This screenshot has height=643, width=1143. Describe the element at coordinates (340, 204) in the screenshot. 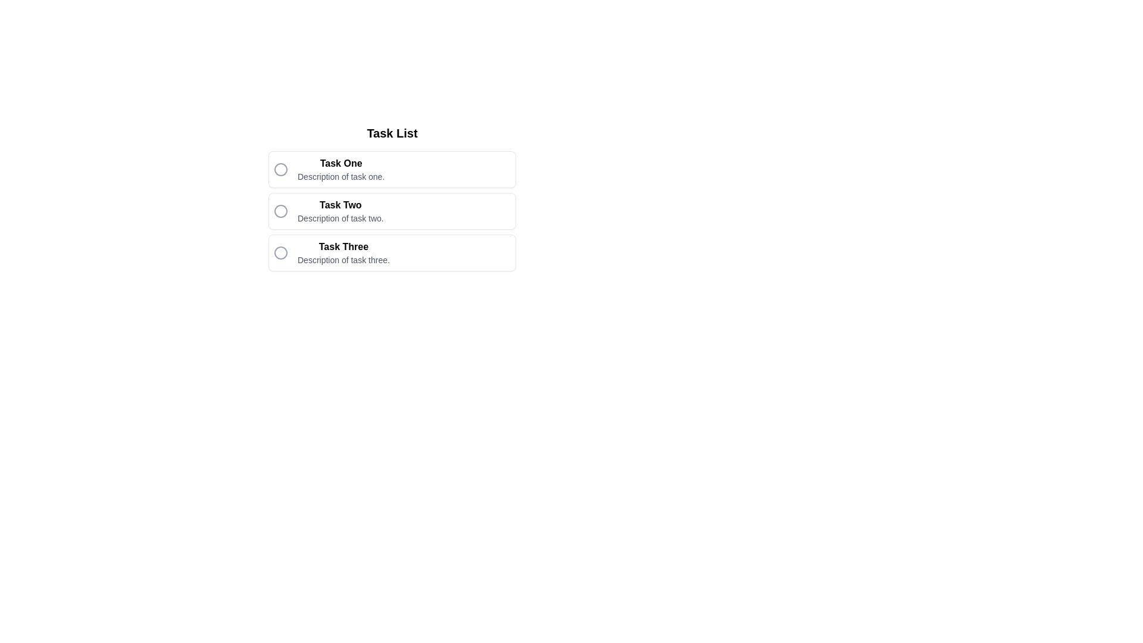

I see `the header text label for the second task in the task list, positioned centrally in the second row, below 'Task One' and above 'Task Three'` at that location.